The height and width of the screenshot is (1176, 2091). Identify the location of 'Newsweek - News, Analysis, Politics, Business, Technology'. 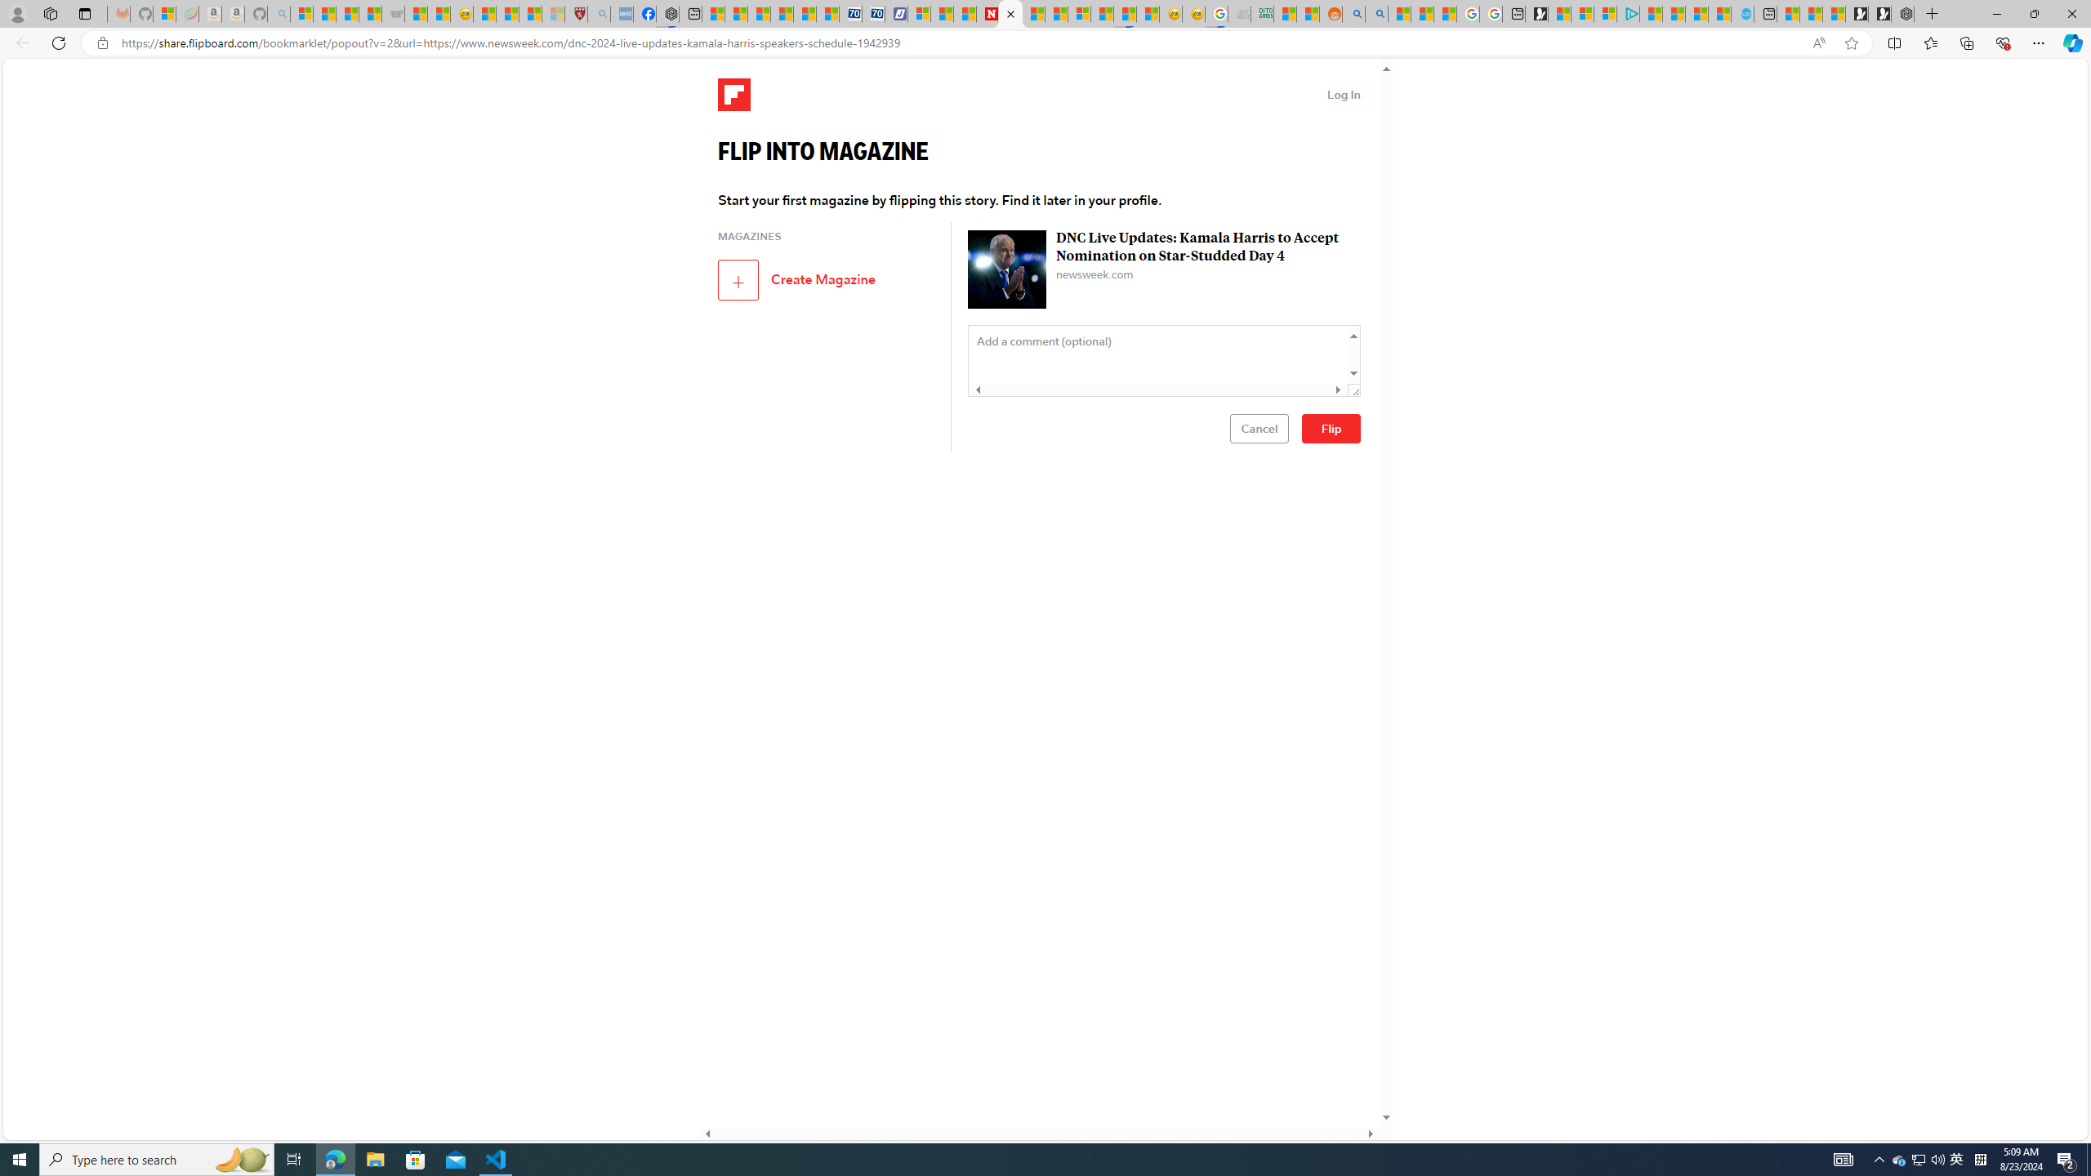
(987, 13).